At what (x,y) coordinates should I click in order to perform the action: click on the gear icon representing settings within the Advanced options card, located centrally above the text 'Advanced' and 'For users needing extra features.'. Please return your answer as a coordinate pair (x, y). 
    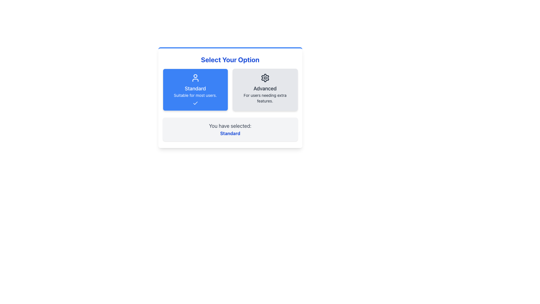
    Looking at the image, I should click on (265, 78).